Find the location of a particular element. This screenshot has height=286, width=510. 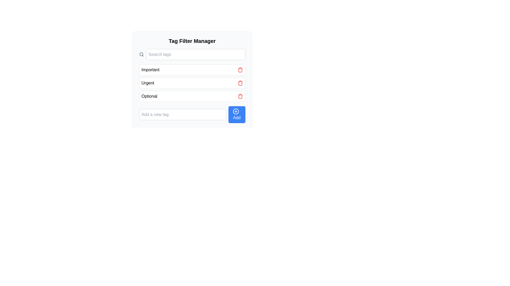

the blue 'Add' button located at the bottom-right of the UI, which features a circular 'plus' sign icon is located at coordinates (235, 111).